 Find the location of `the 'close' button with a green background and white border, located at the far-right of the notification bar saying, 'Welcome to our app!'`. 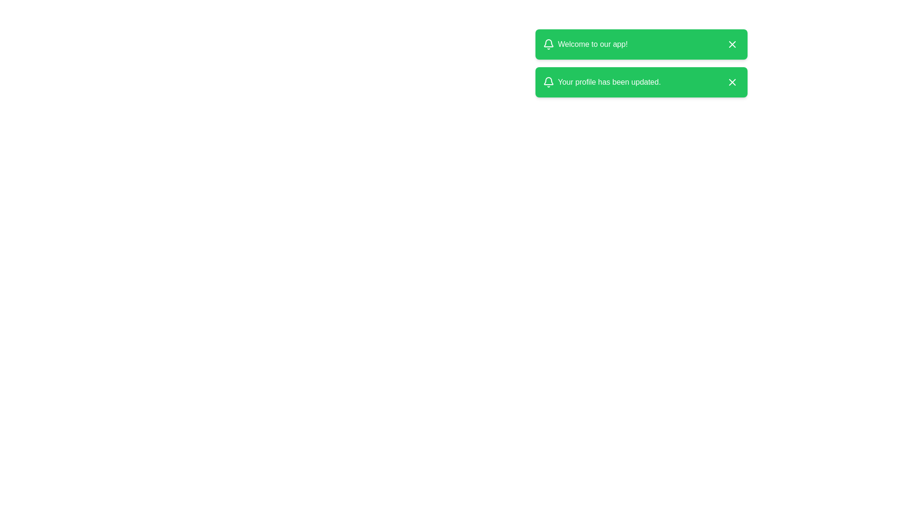

the 'close' button with a green background and white border, located at the far-right of the notification bar saying, 'Welcome to our app!' is located at coordinates (731, 44).